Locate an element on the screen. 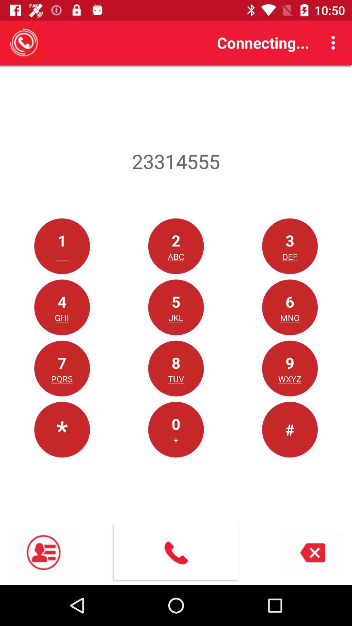 This screenshot has height=626, width=352. the close icon is located at coordinates (312, 552).